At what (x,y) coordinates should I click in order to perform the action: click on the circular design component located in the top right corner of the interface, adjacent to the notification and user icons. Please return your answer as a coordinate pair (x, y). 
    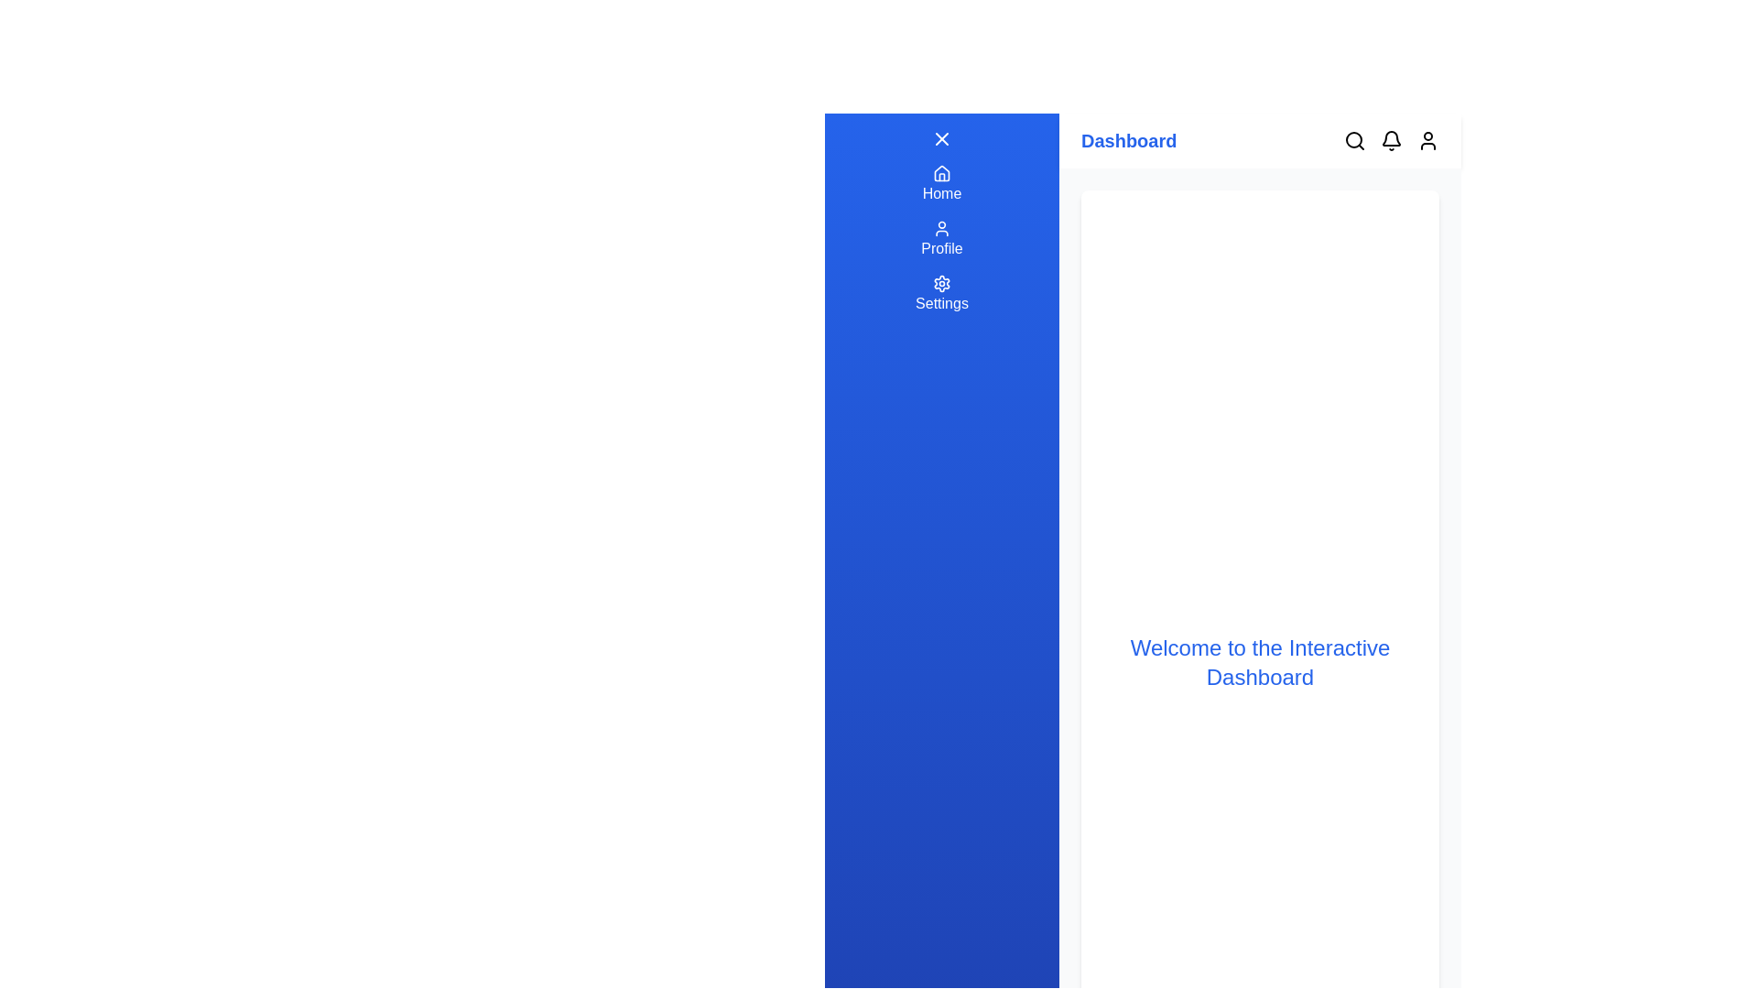
    Looking at the image, I should click on (1353, 139).